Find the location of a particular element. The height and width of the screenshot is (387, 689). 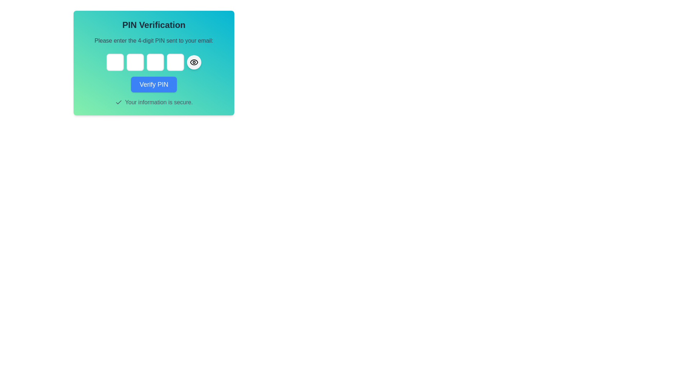

the visibility toggle IconButton located to the right of the PIN input fields is located at coordinates (194, 62).